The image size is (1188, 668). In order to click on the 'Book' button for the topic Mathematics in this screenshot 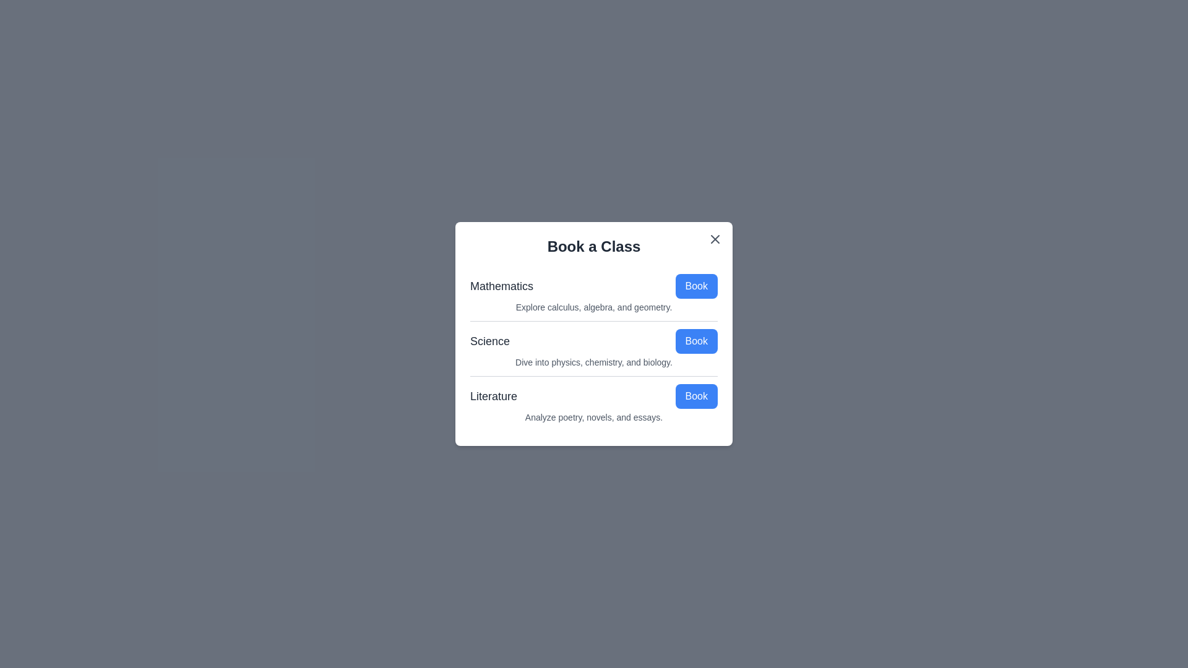, I will do `click(696, 286)`.